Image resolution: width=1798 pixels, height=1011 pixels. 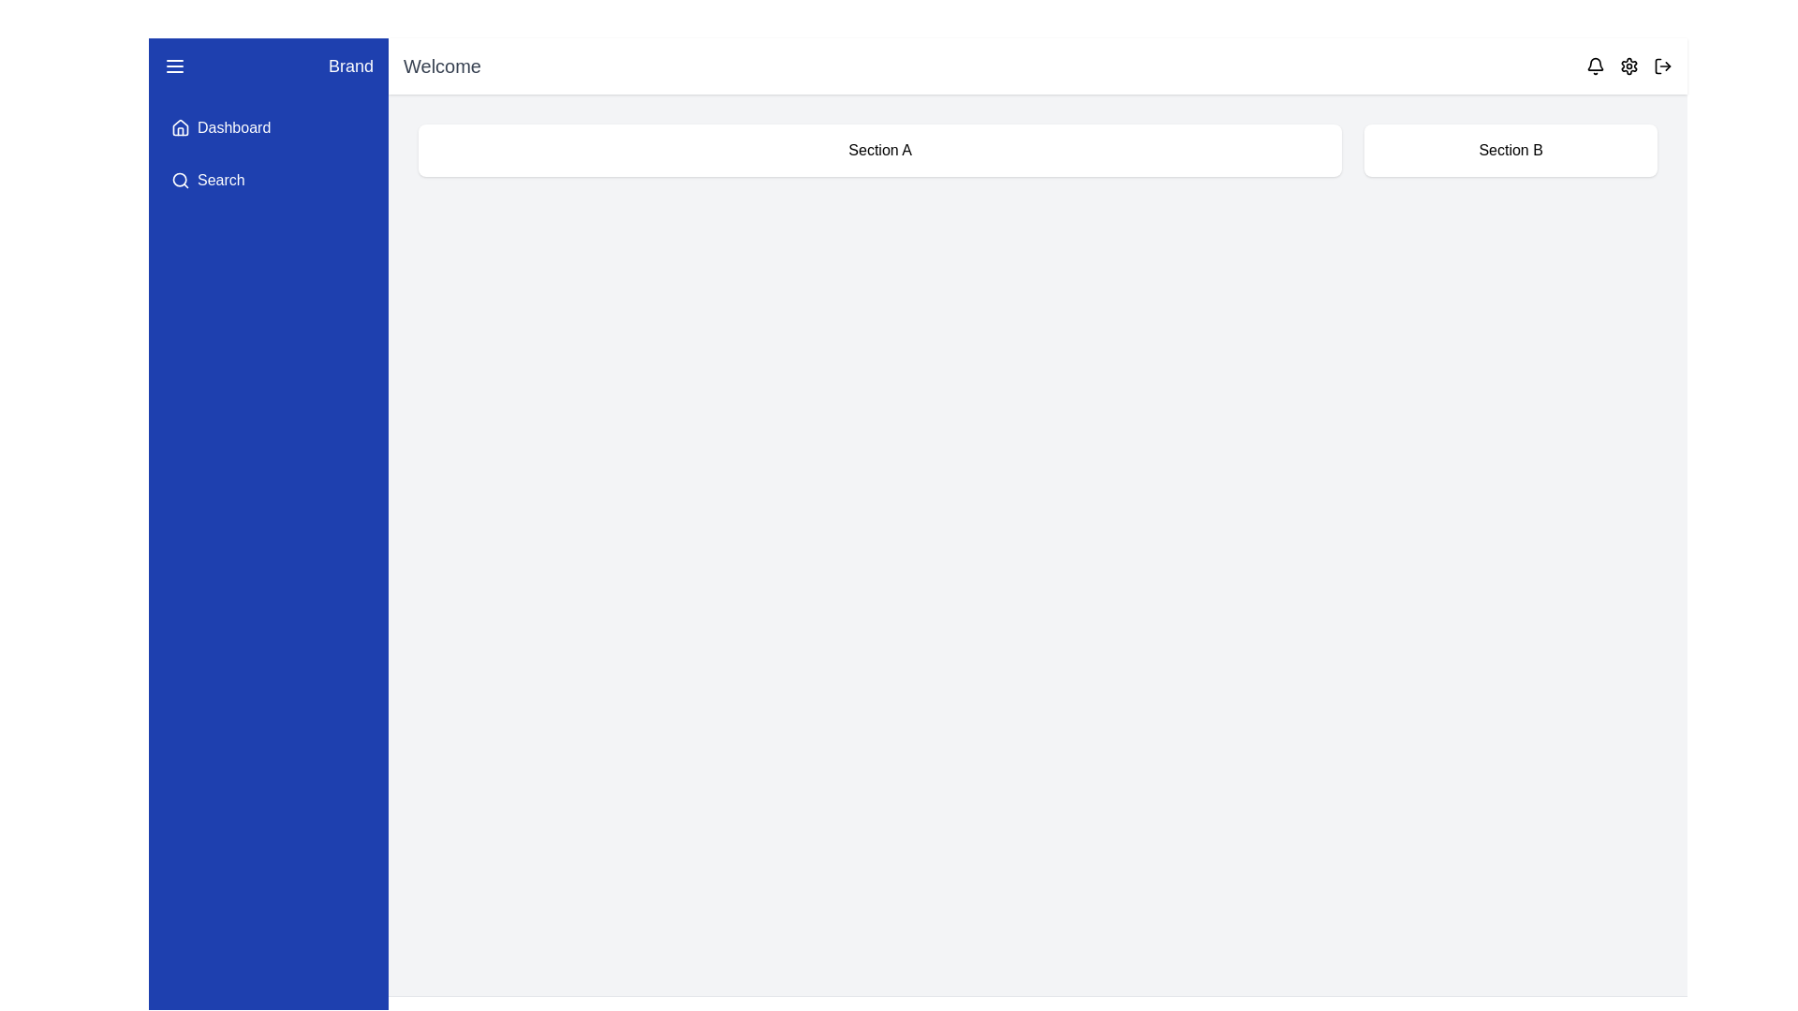 I want to click on the 'Dashboard' text label located in the left vertical sidebar, so click(x=233, y=127).